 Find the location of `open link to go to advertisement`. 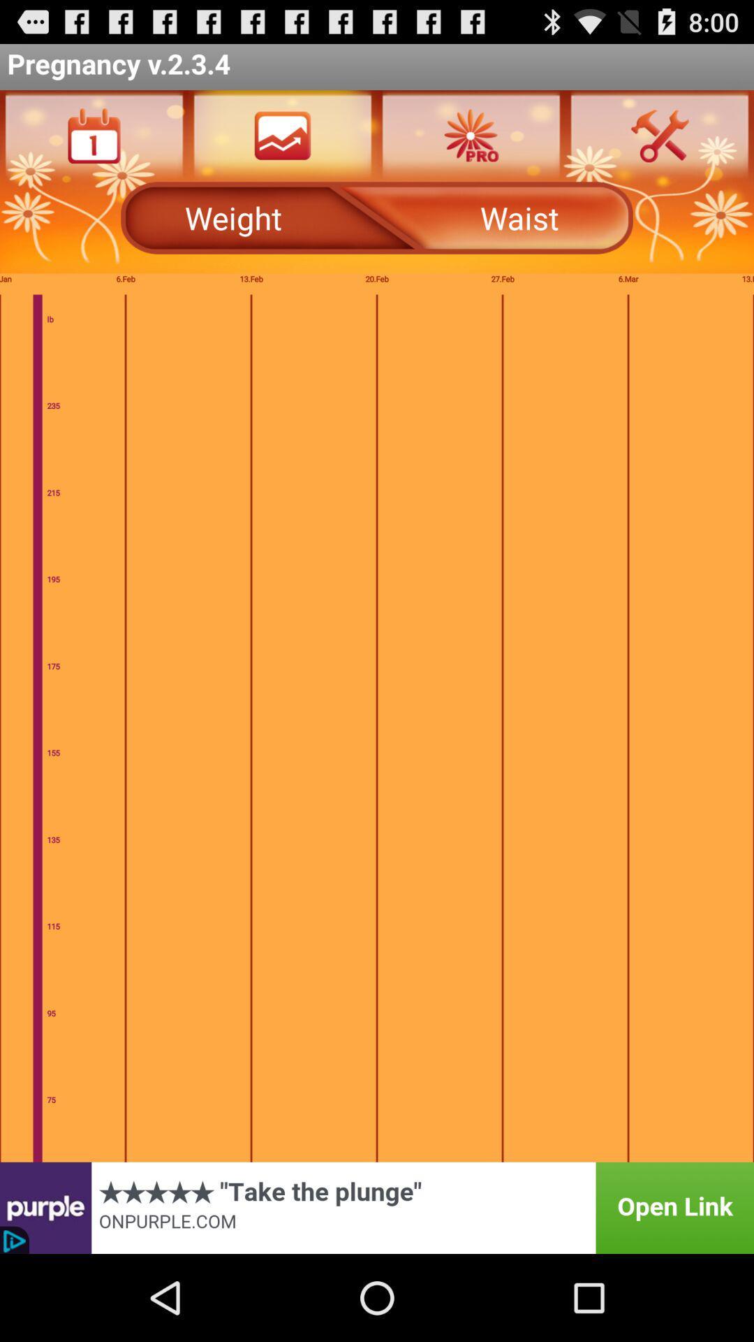

open link to go to advertisement is located at coordinates (377, 1207).